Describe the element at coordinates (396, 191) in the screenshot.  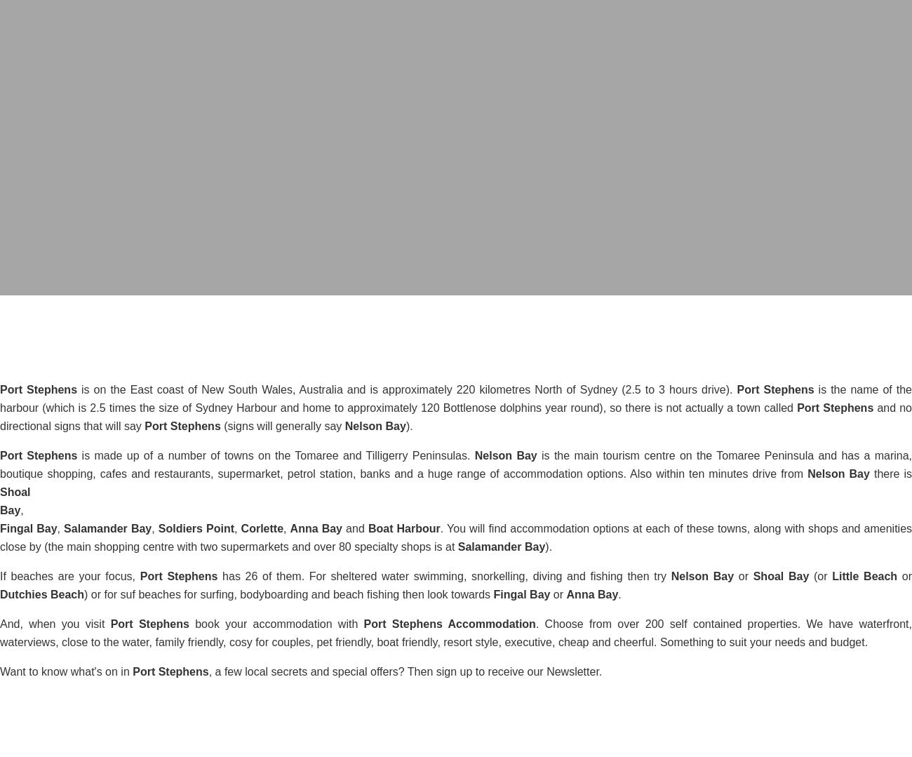
I see `'date_range'` at that location.